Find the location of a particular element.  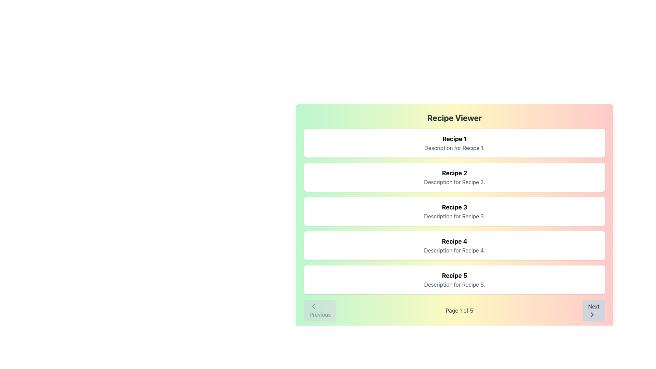

current page status displayed in the pagination control bar, which shows the current page number and total pages, e.g., 'Page 1 of 5' is located at coordinates (454, 311).